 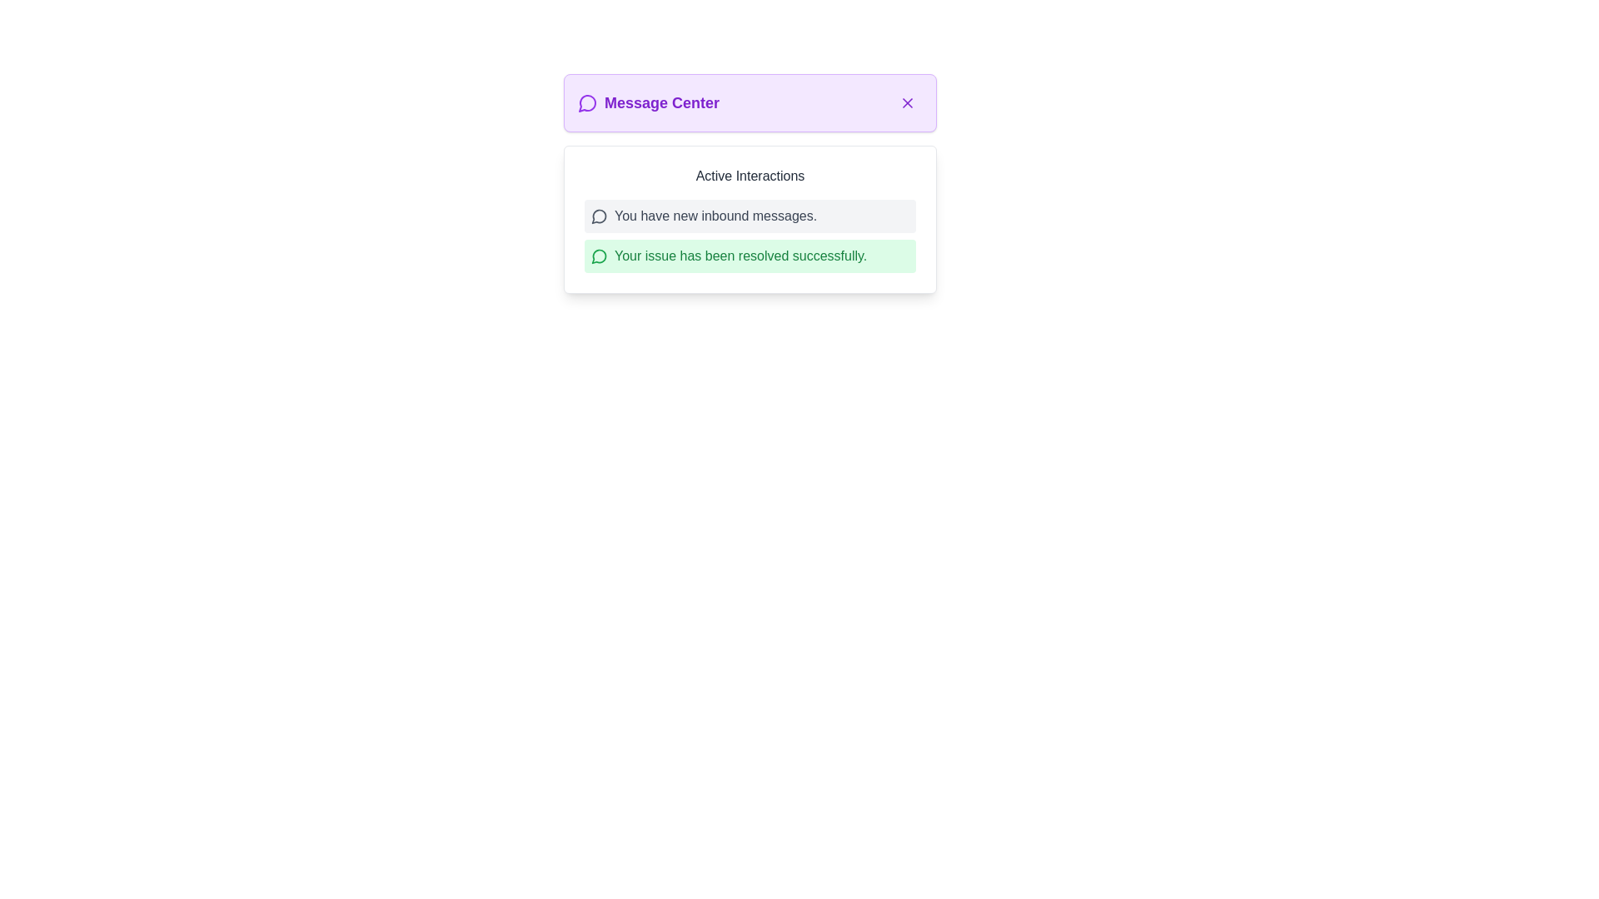 What do you see at coordinates (599, 216) in the screenshot?
I see `the messaging icon located near the top-left corner of the 'Message Center' pop-up` at bounding box center [599, 216].